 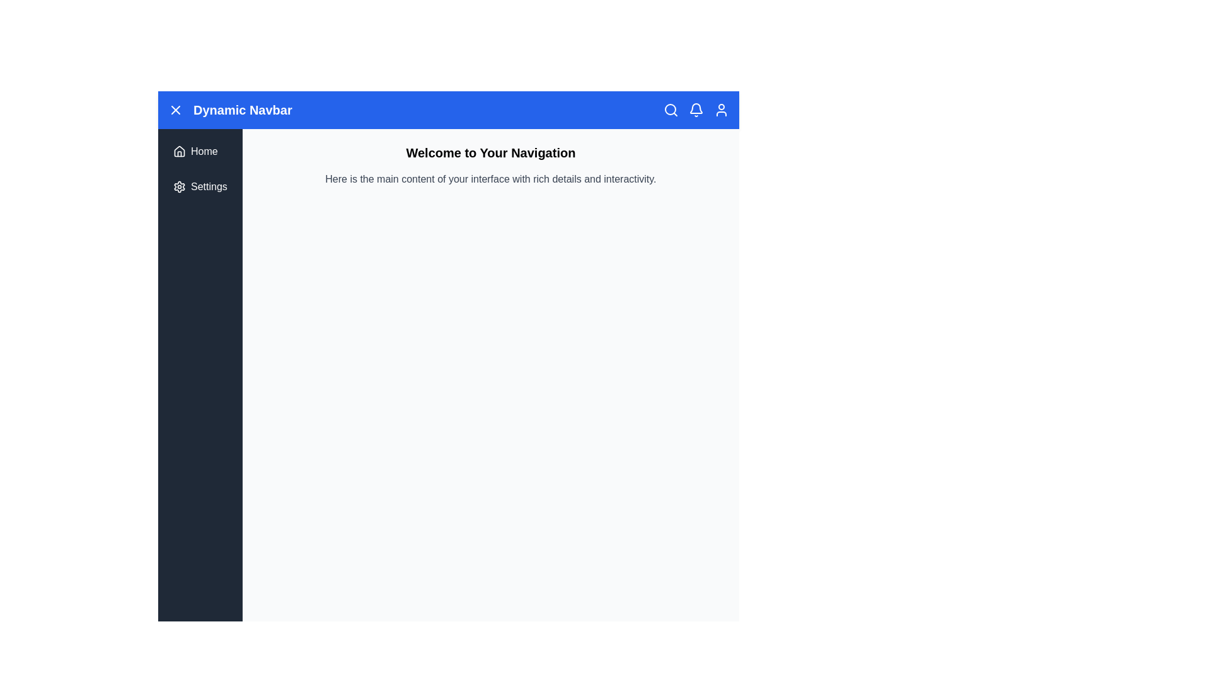 I want to click on the search button located in the top-right corner of the main navigation bar to interact with its hover effect, so click(x=671, y=109).